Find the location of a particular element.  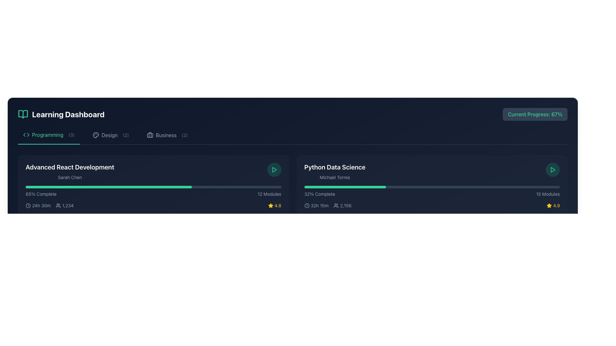

the progress bar located centrally in the card labeled 'Advanced React Development', which visually represents the progress within the course is located at coordinates (153, 191).